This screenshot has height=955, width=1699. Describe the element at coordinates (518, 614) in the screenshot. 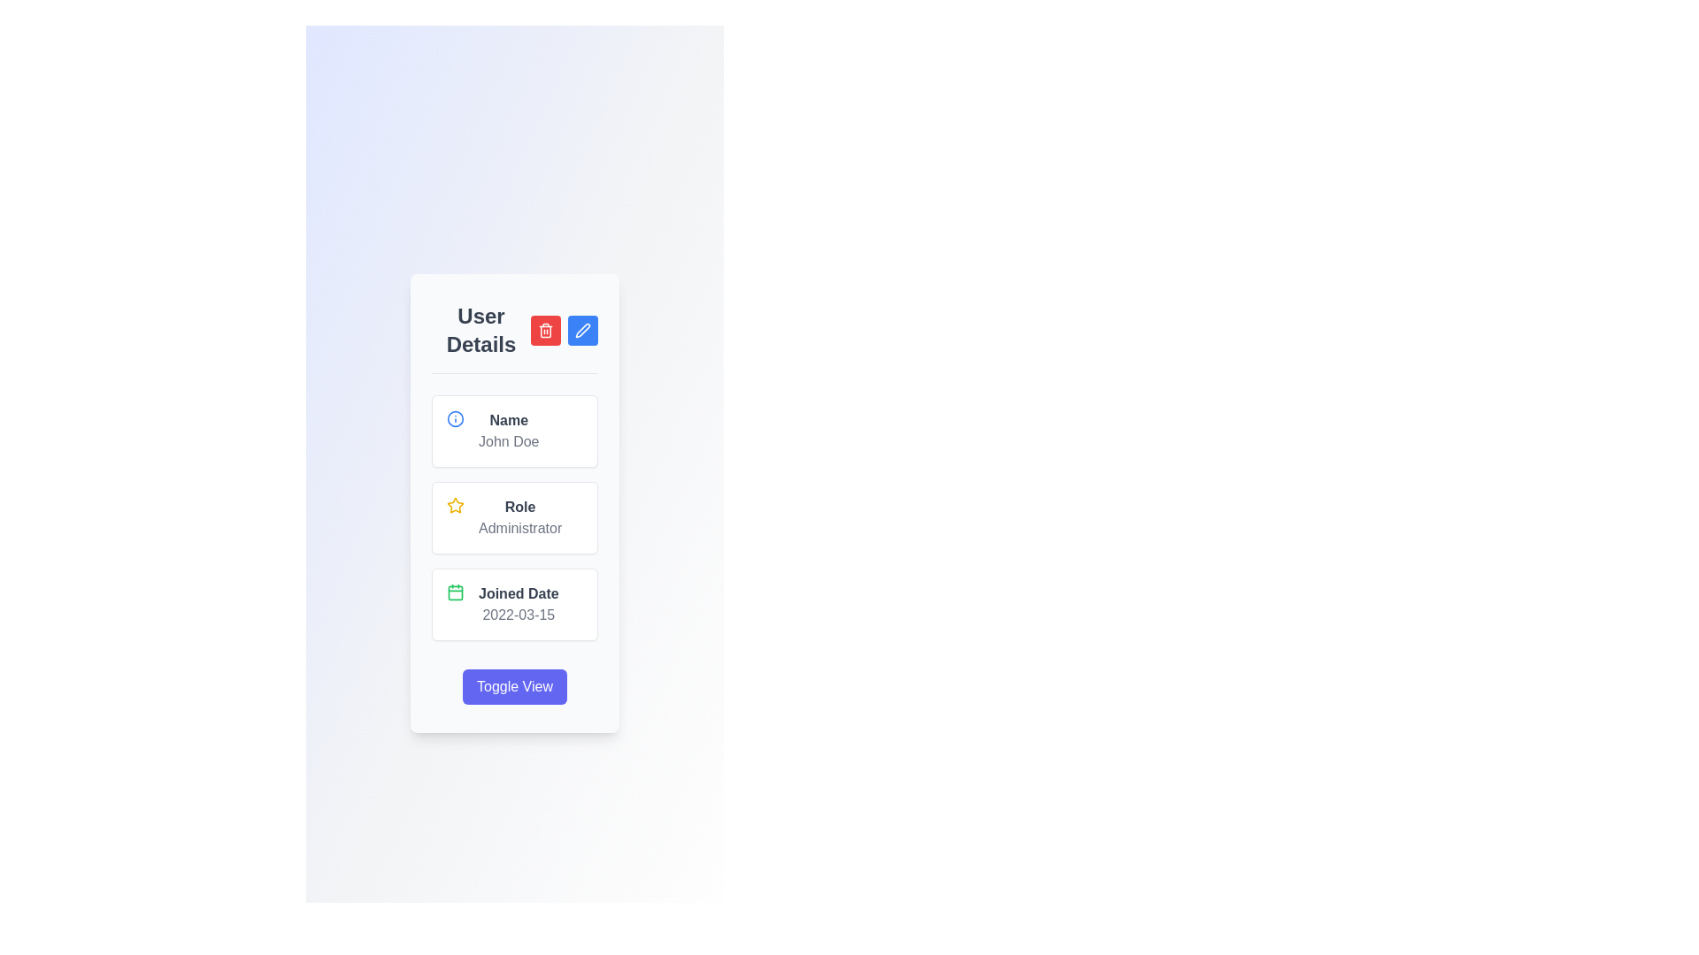

I see `the text displaying the date '2022-03-15' which is styled with a gray font and located below the 'Joined Date' label in the user details card` at that location.